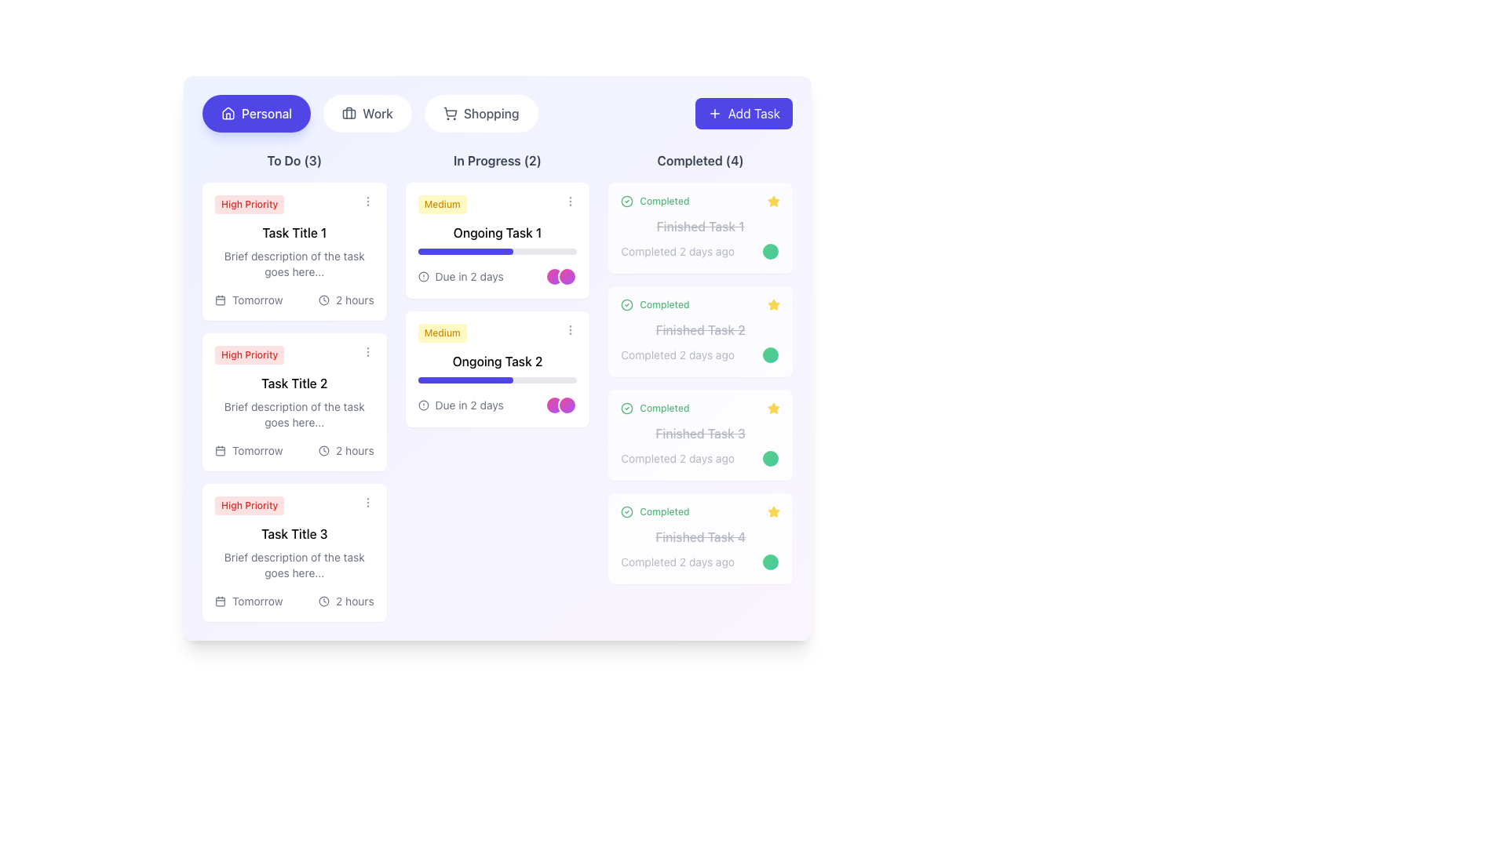 This screenshot has width=1507, height=847. Describe the element at coordinates (257, 601) in the screenshot. I see `the text label displaying 'Tomorrow' located in the last card of the 'To Do' column, below the calendar icon` at that location.